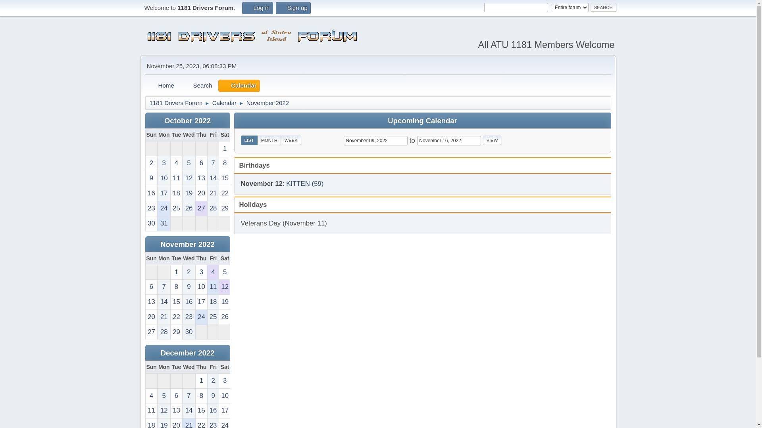  Describe the element at coordinates (213, 178) in the screenshot. I see `'14'` at that location.